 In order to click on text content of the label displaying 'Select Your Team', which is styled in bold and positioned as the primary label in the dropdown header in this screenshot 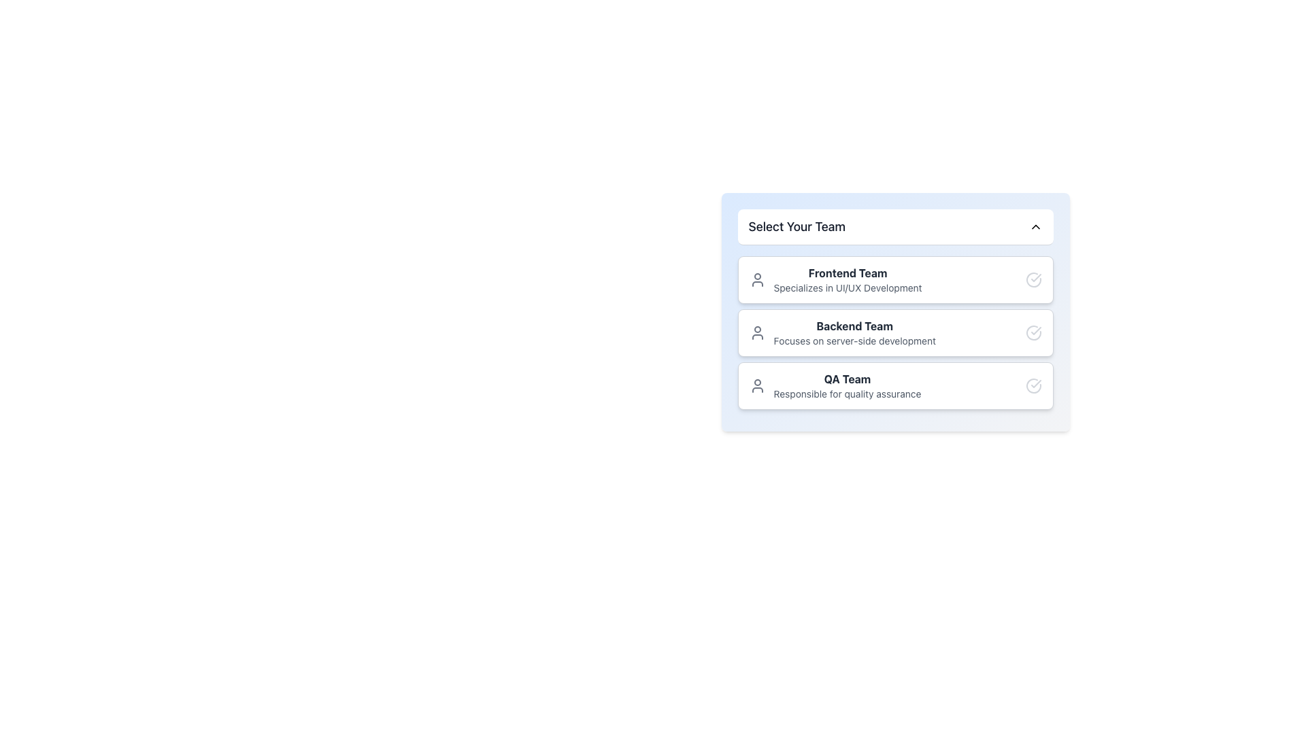, I will do `click(797, 226)`.